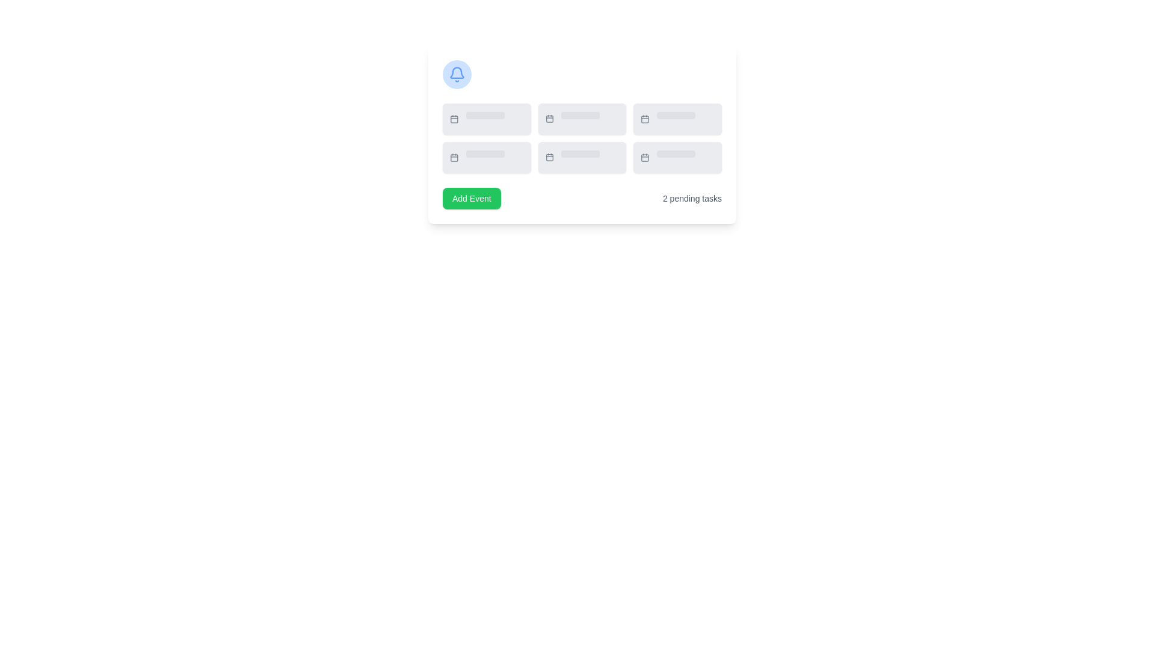 Image resolution: width=1155 pixels, height=650 pixels. What do you see at coordinates (644, 119) in the screenshot?
I see `the small rectangle with rounded corners located in the upper right area of the SVG calendar icon` at bounding box center [644, 119].